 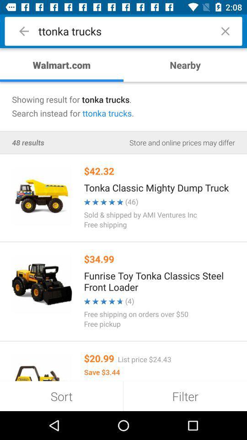 What do you see at coordinates (24, 31) in the screenshot?
I see `the arrow_backward icon` at bounding box center [24, 31].